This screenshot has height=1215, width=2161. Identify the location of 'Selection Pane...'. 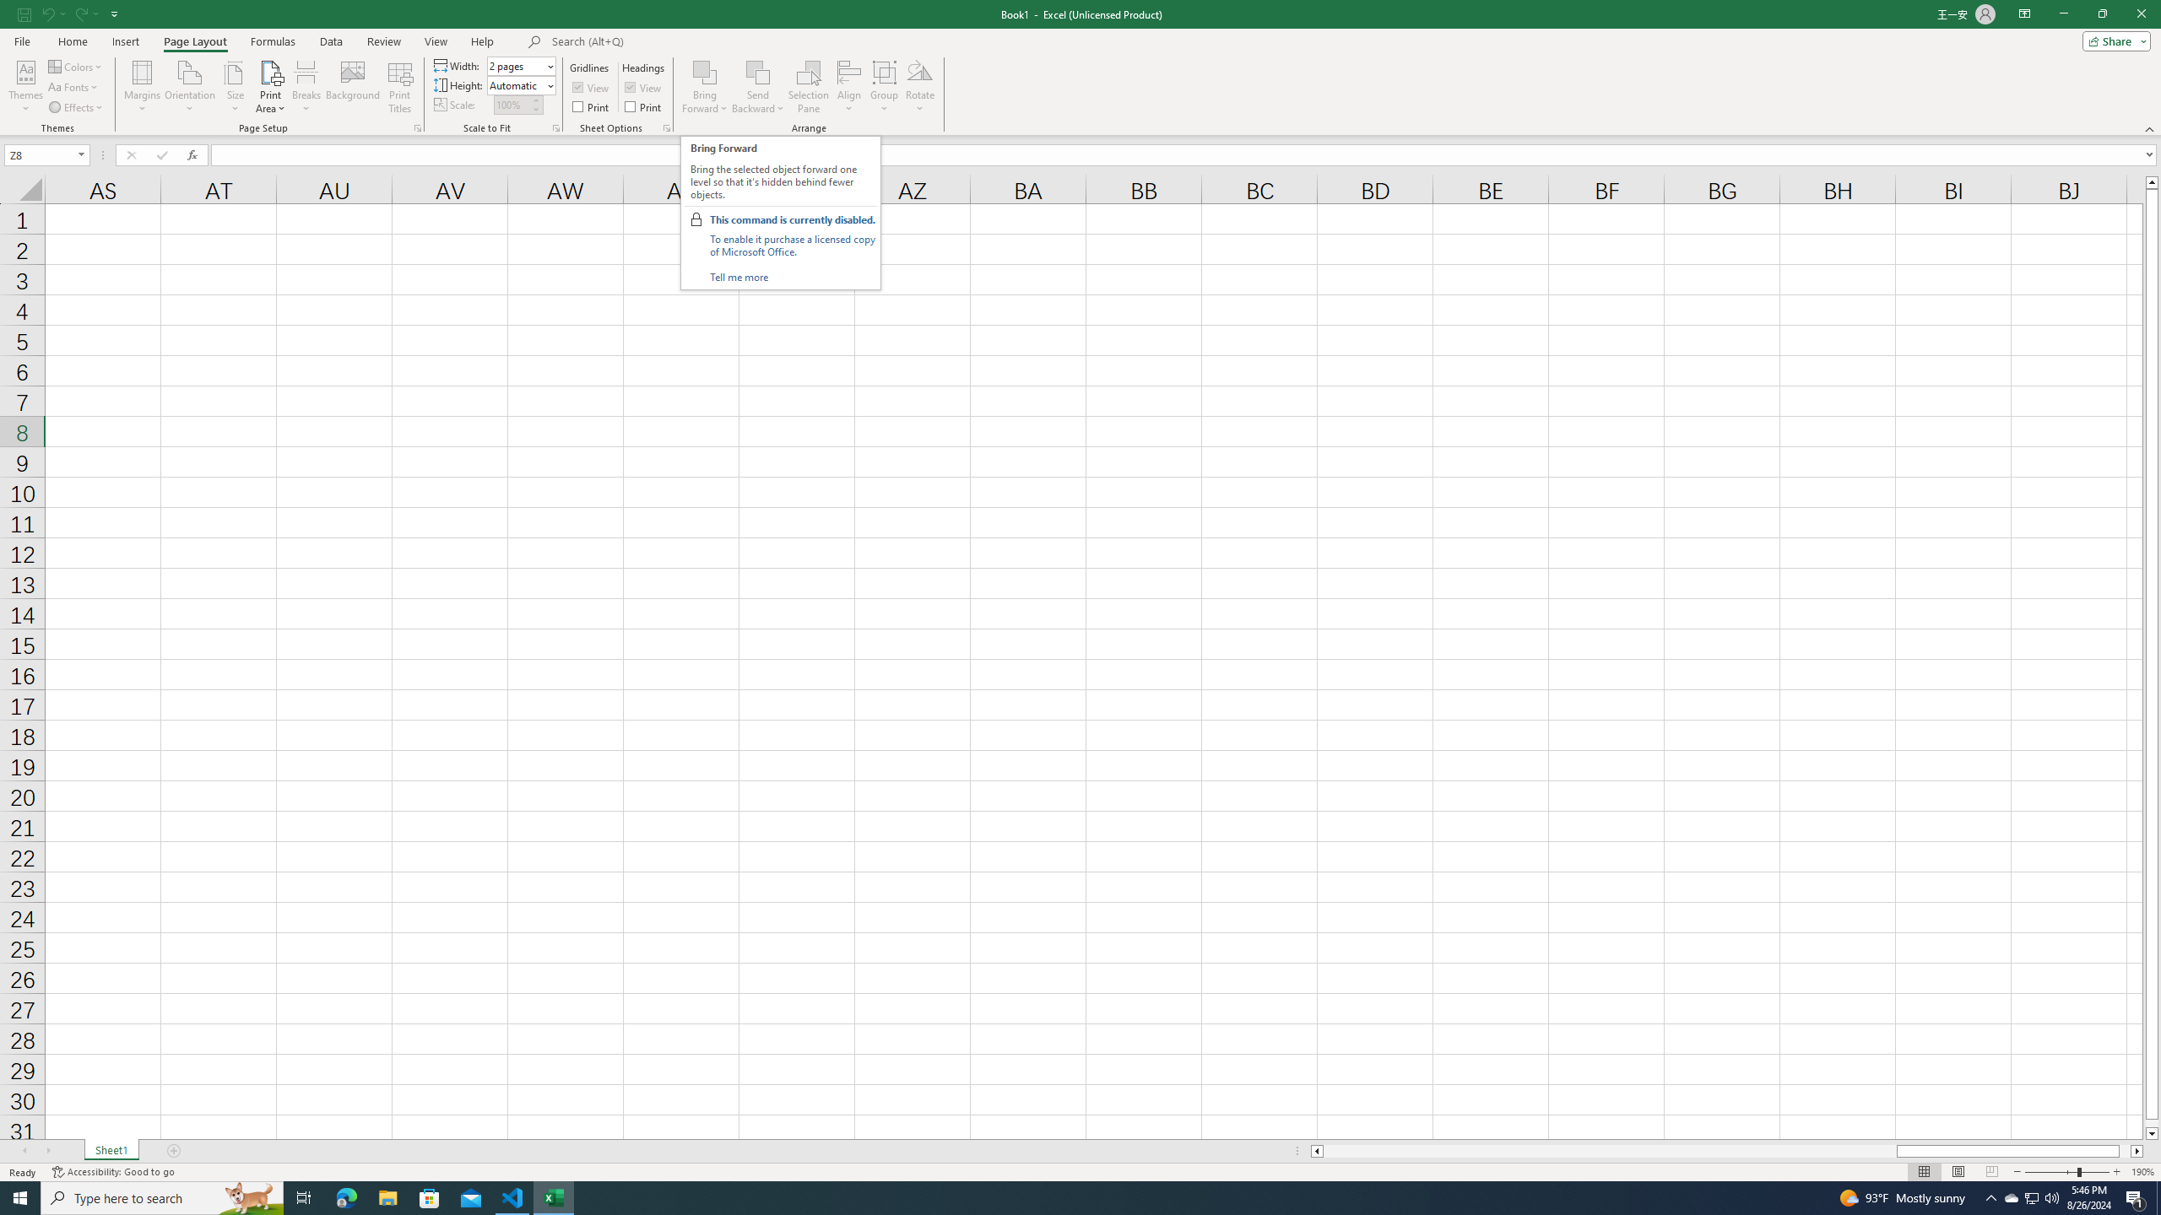
(808, 87).